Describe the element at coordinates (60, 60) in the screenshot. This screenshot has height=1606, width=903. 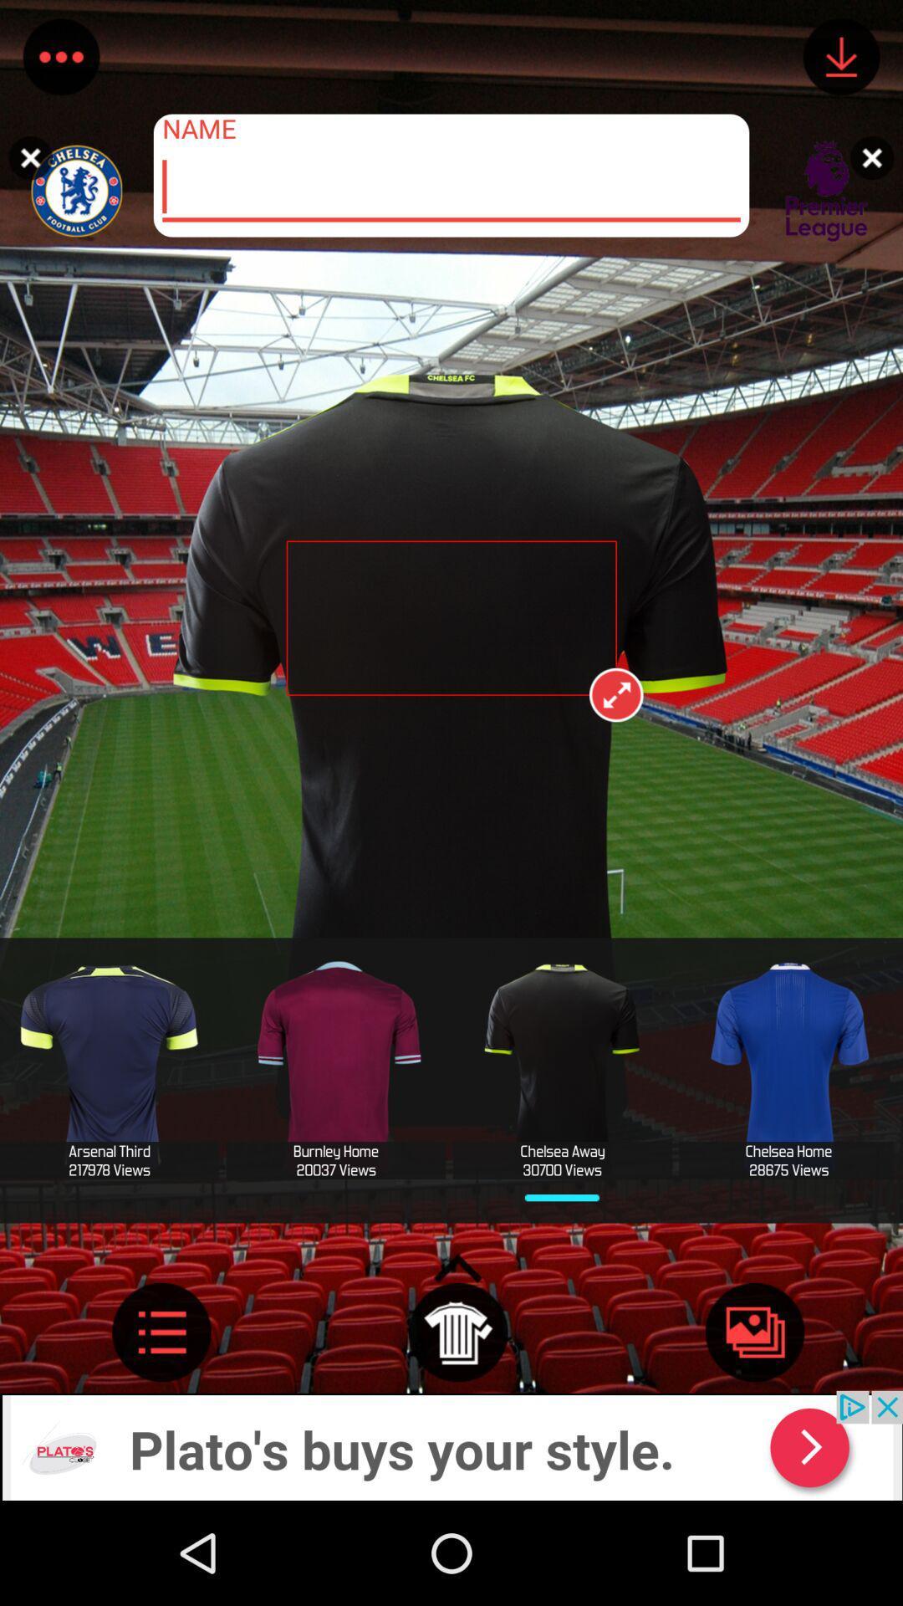
I see `the more icon` at that location.